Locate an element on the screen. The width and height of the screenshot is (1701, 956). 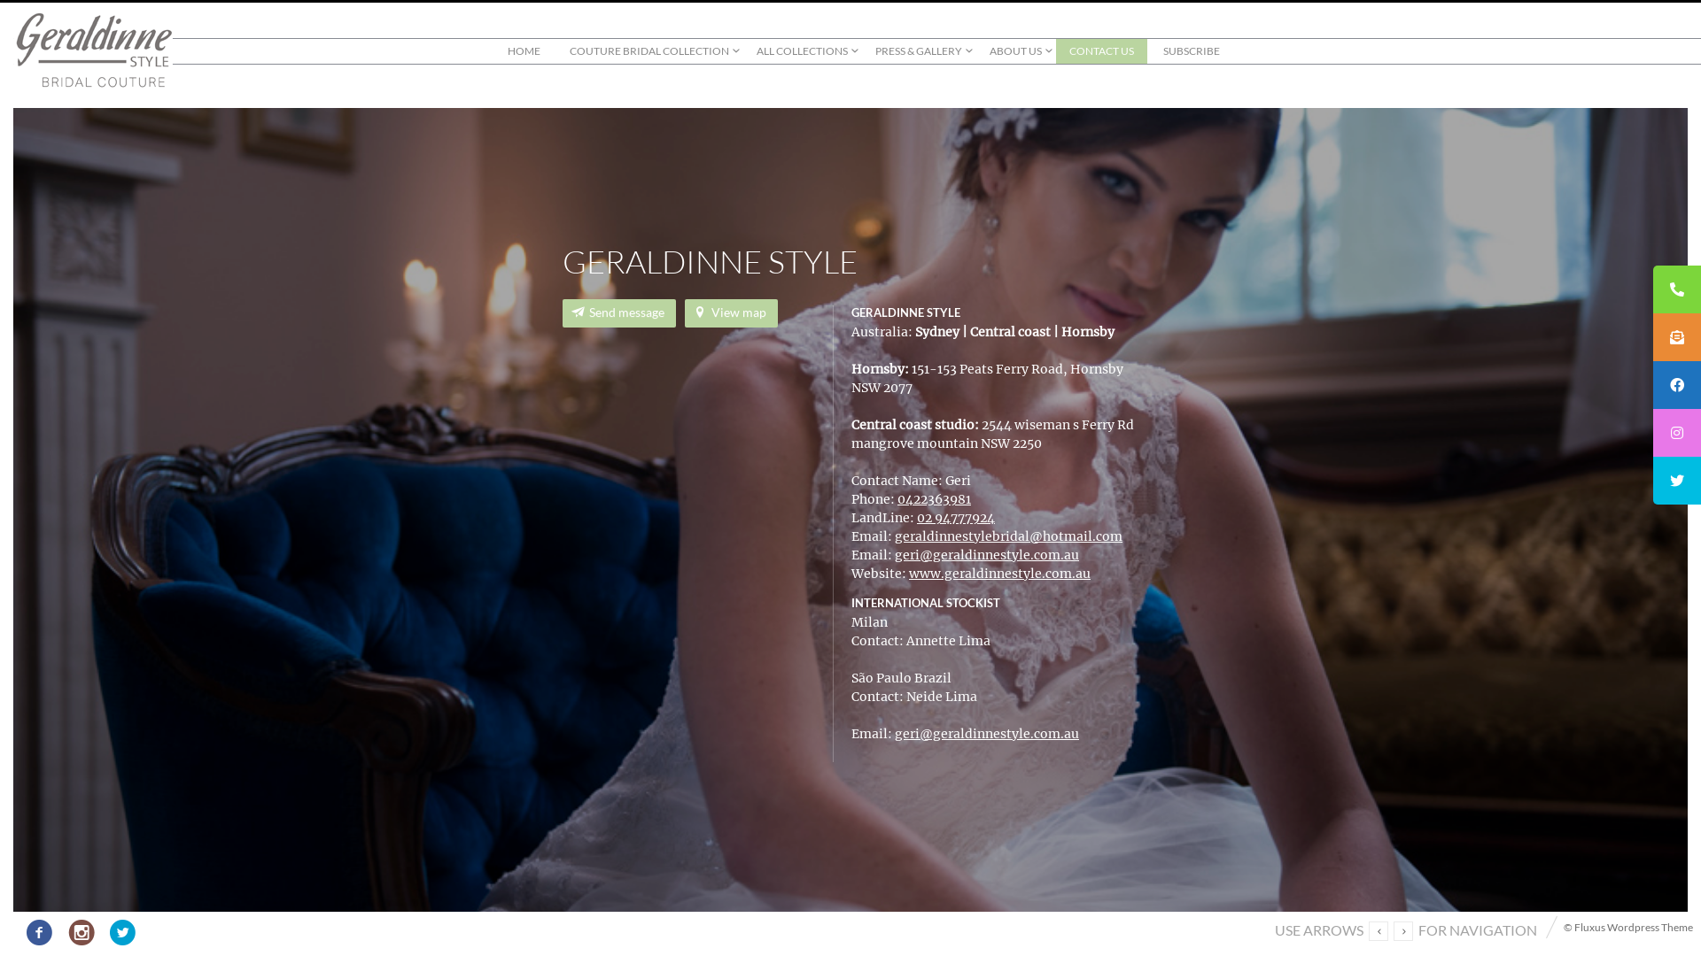
'PRESS & GALLERY' is located at coordinates (918, 50).